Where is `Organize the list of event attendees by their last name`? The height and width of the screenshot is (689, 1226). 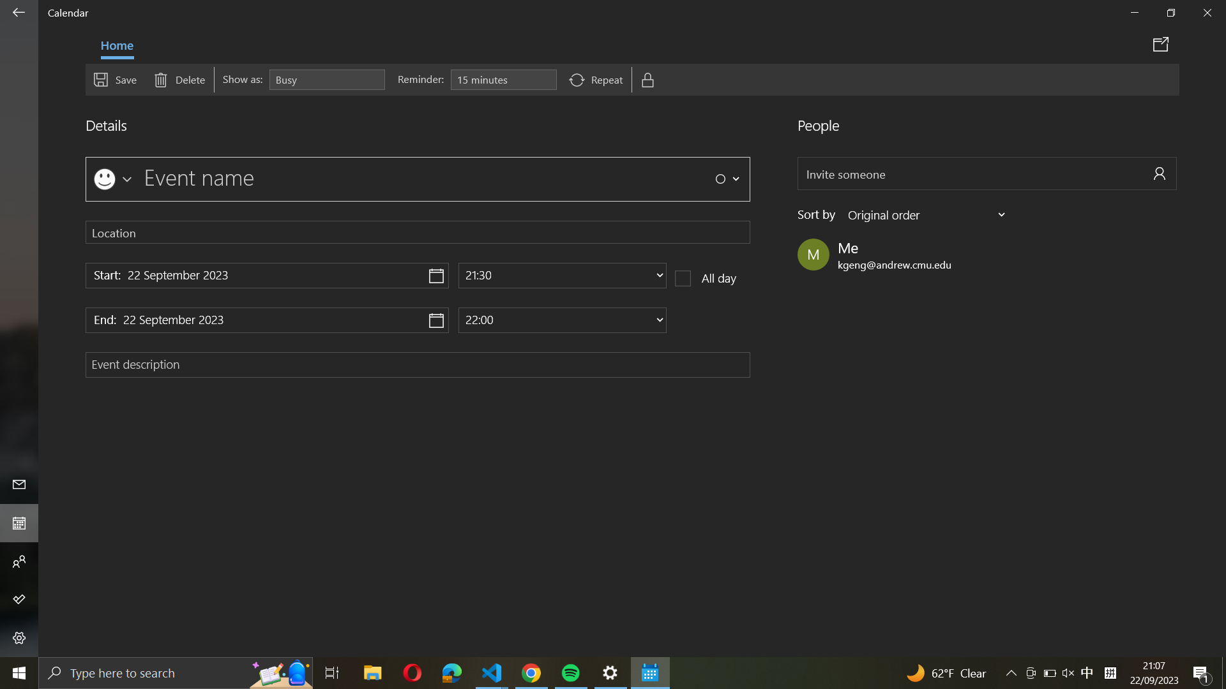 Organize the list of event attendees by their last name is located at coordinates (928, 214).